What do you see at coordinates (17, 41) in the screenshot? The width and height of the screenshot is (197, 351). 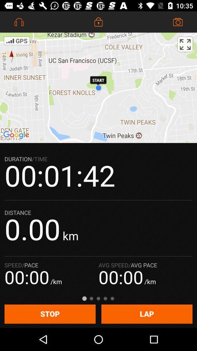 I see `the icon which is below the headphones tag` at bounding box center [17, 41].